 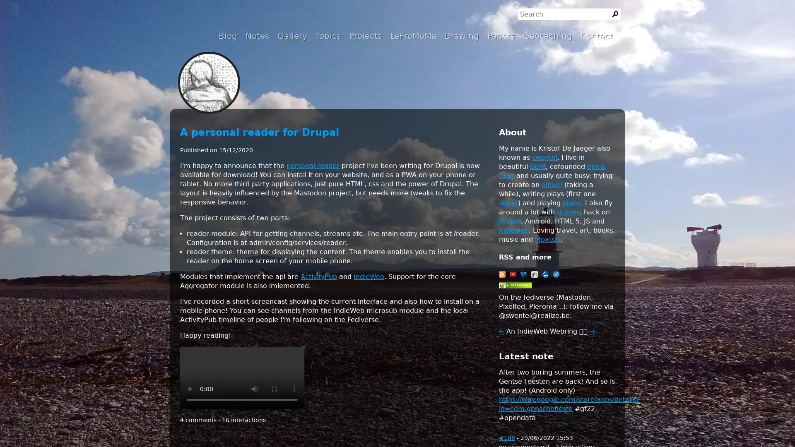 What do you see at coordinates (190, 388) in the screenshot?
I see `play` at bounding box center [190, 388].